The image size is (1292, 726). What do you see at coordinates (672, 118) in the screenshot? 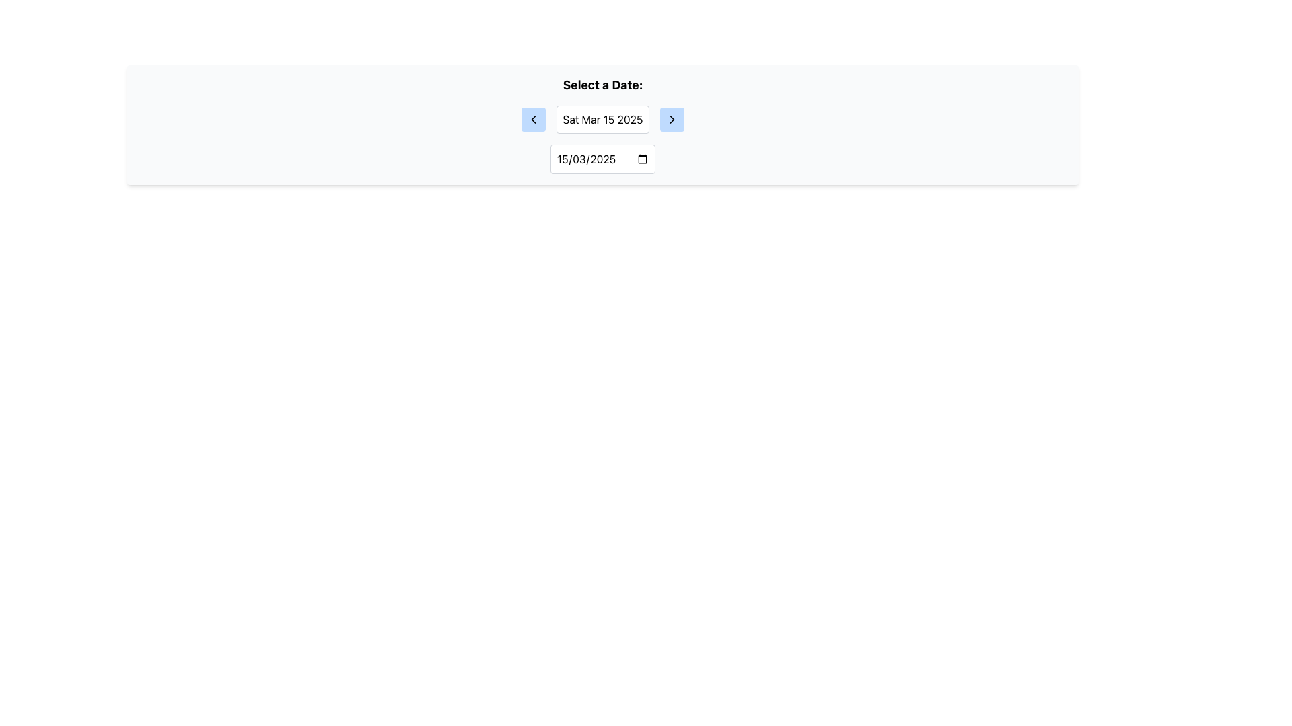
I see `the rightward arrowhead icon in the date navigation controls` at bounding box center [672, 118].